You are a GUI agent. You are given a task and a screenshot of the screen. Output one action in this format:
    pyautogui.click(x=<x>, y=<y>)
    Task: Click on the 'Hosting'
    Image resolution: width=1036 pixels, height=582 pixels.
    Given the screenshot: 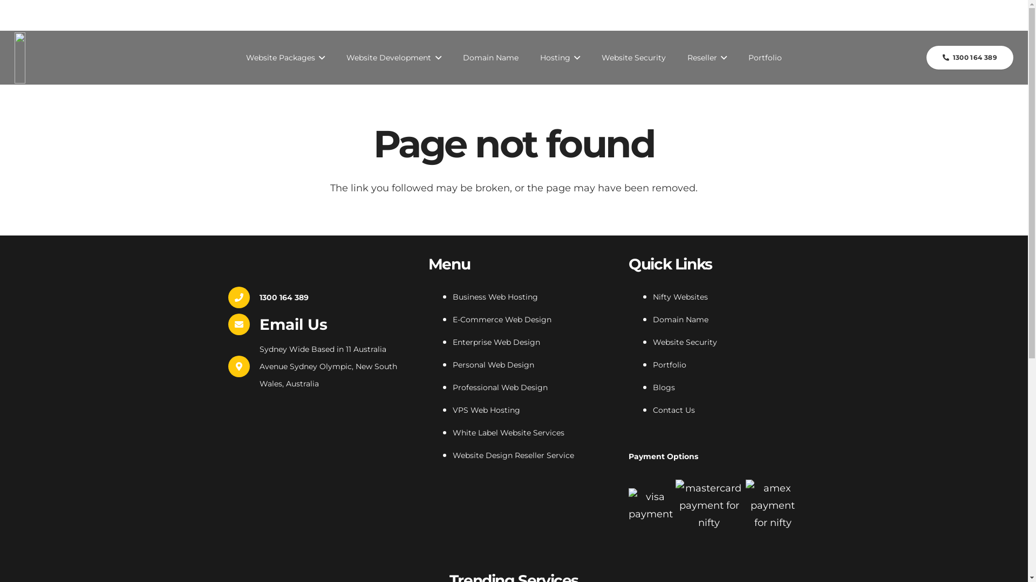 What is the action you would take?
    pyautogui.click(x=559, y=58)
    